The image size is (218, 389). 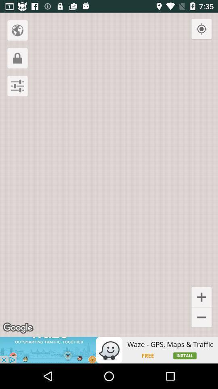 What do you see at coordinates (17, 58) in the screenshot?
I see `unlock` at bounding box center [17, 58].